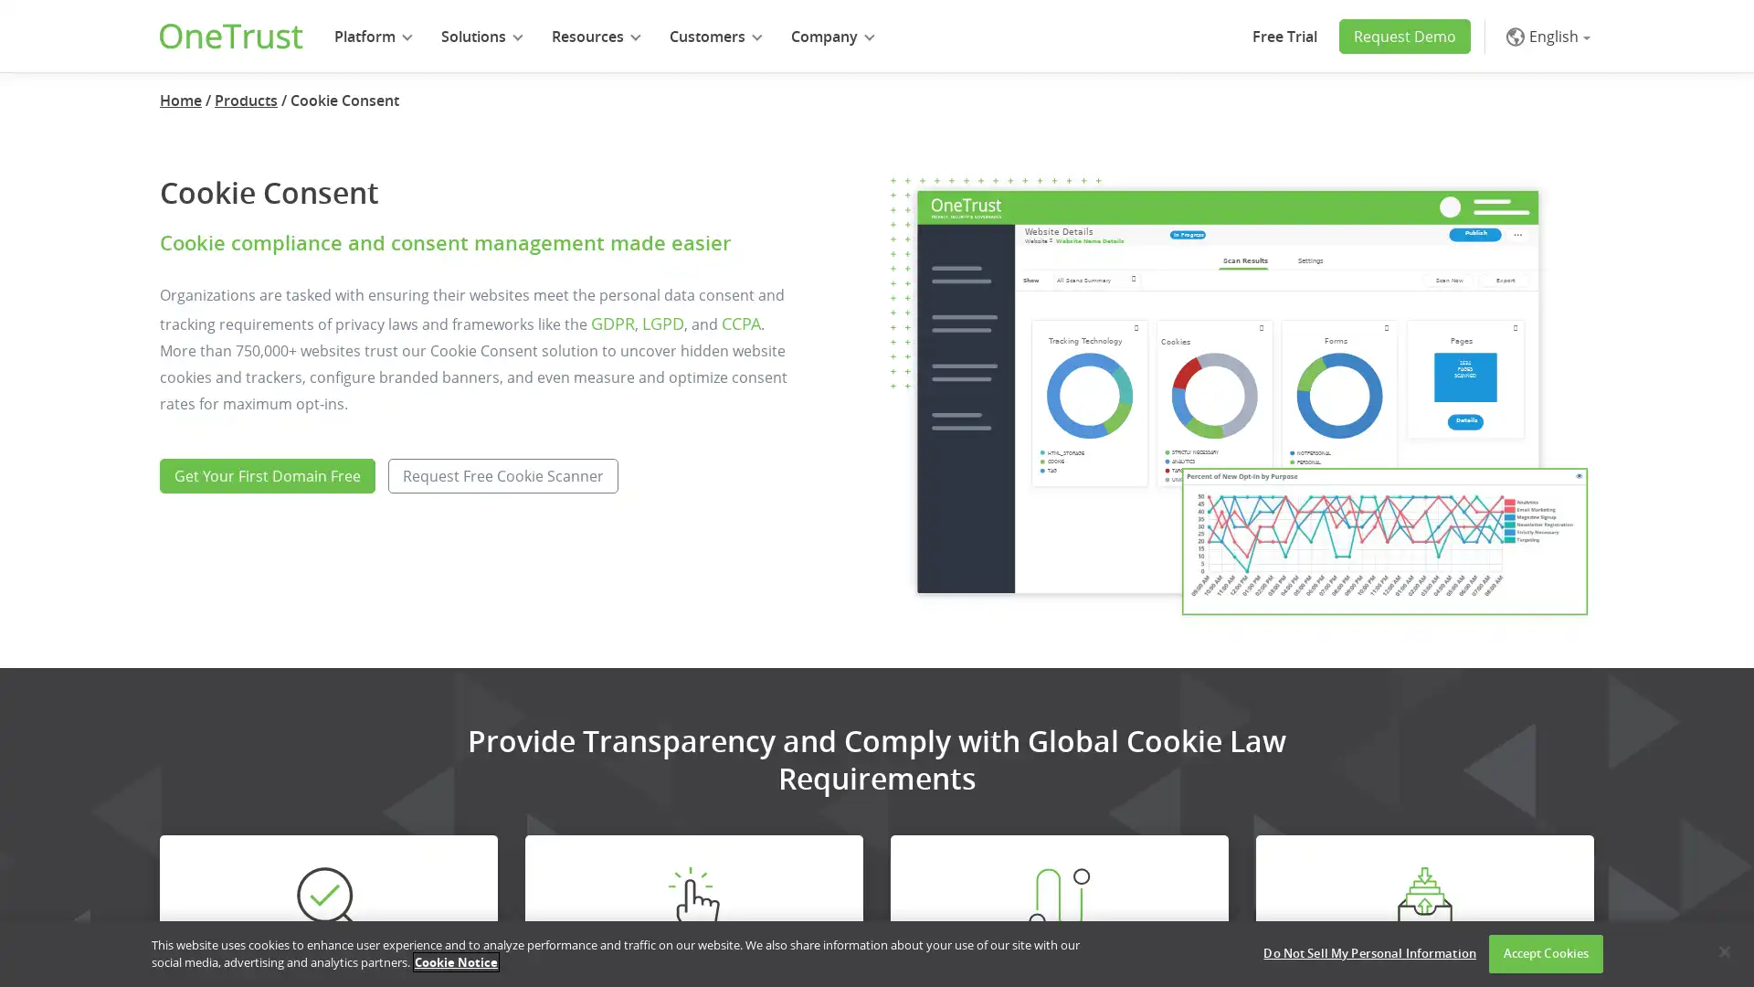  Describe the element at coordinates (1723, 950) in the screenshot. I see `Close` at that location.